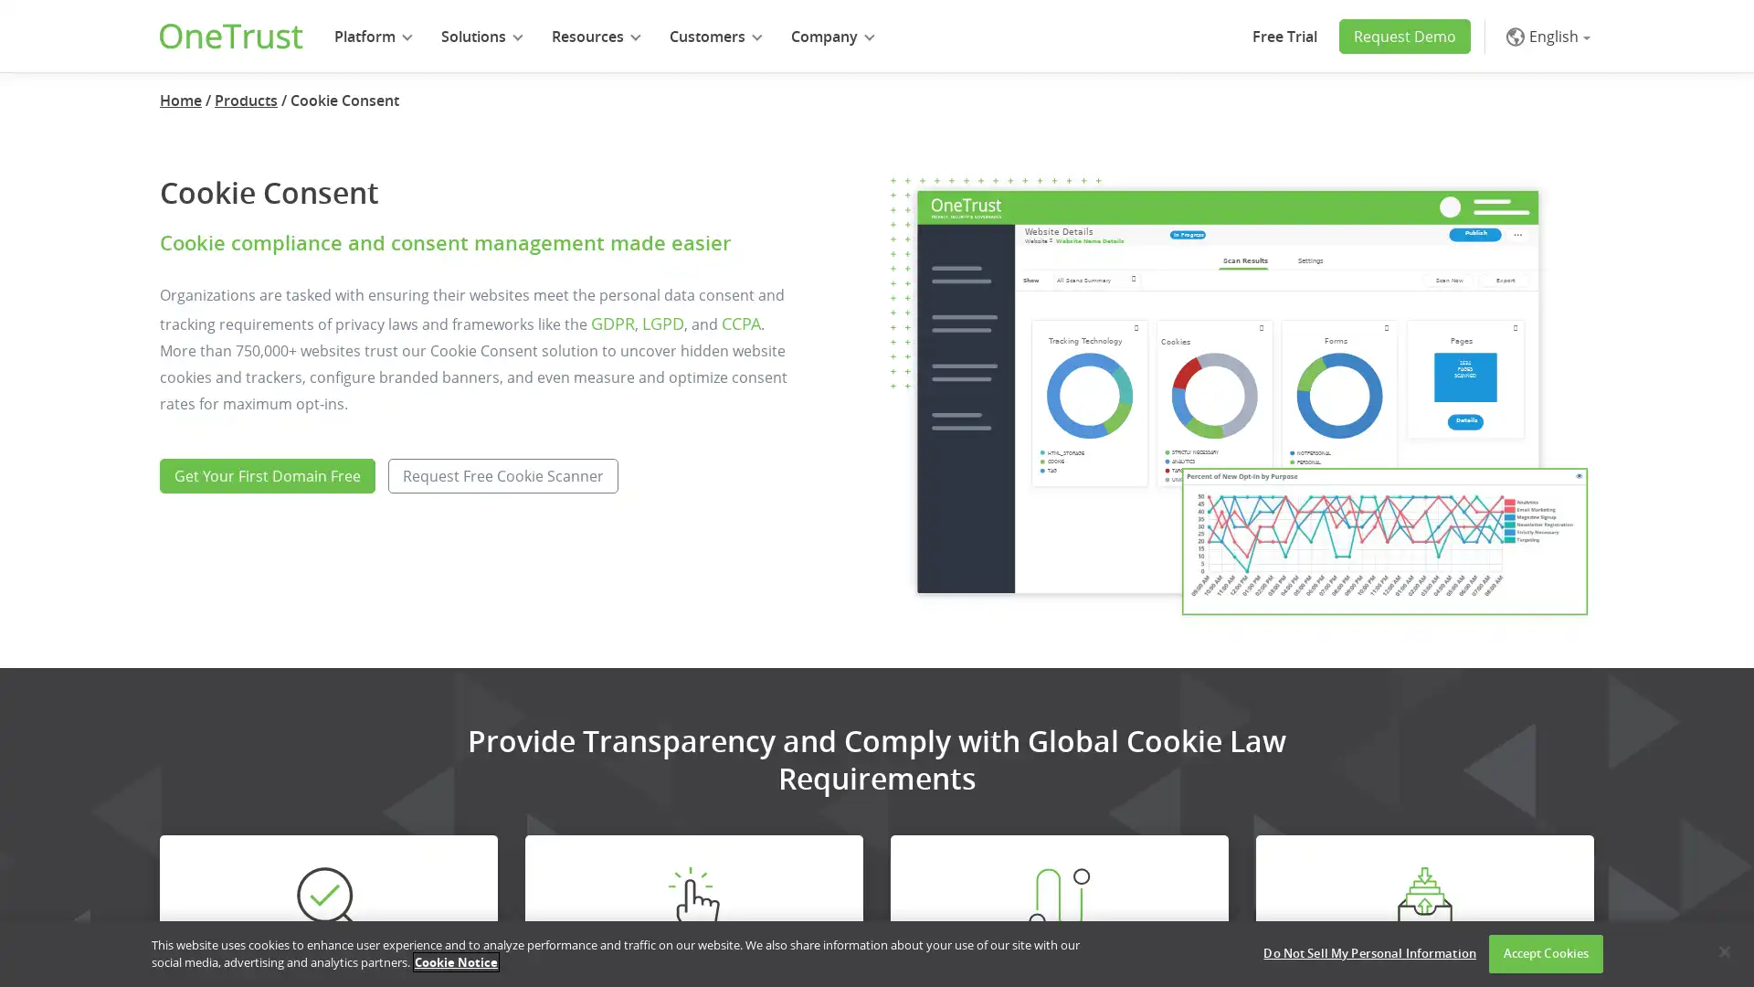  Describe the element at coordinates (1723, 950) in the screenshot. I see `Close` at that location.